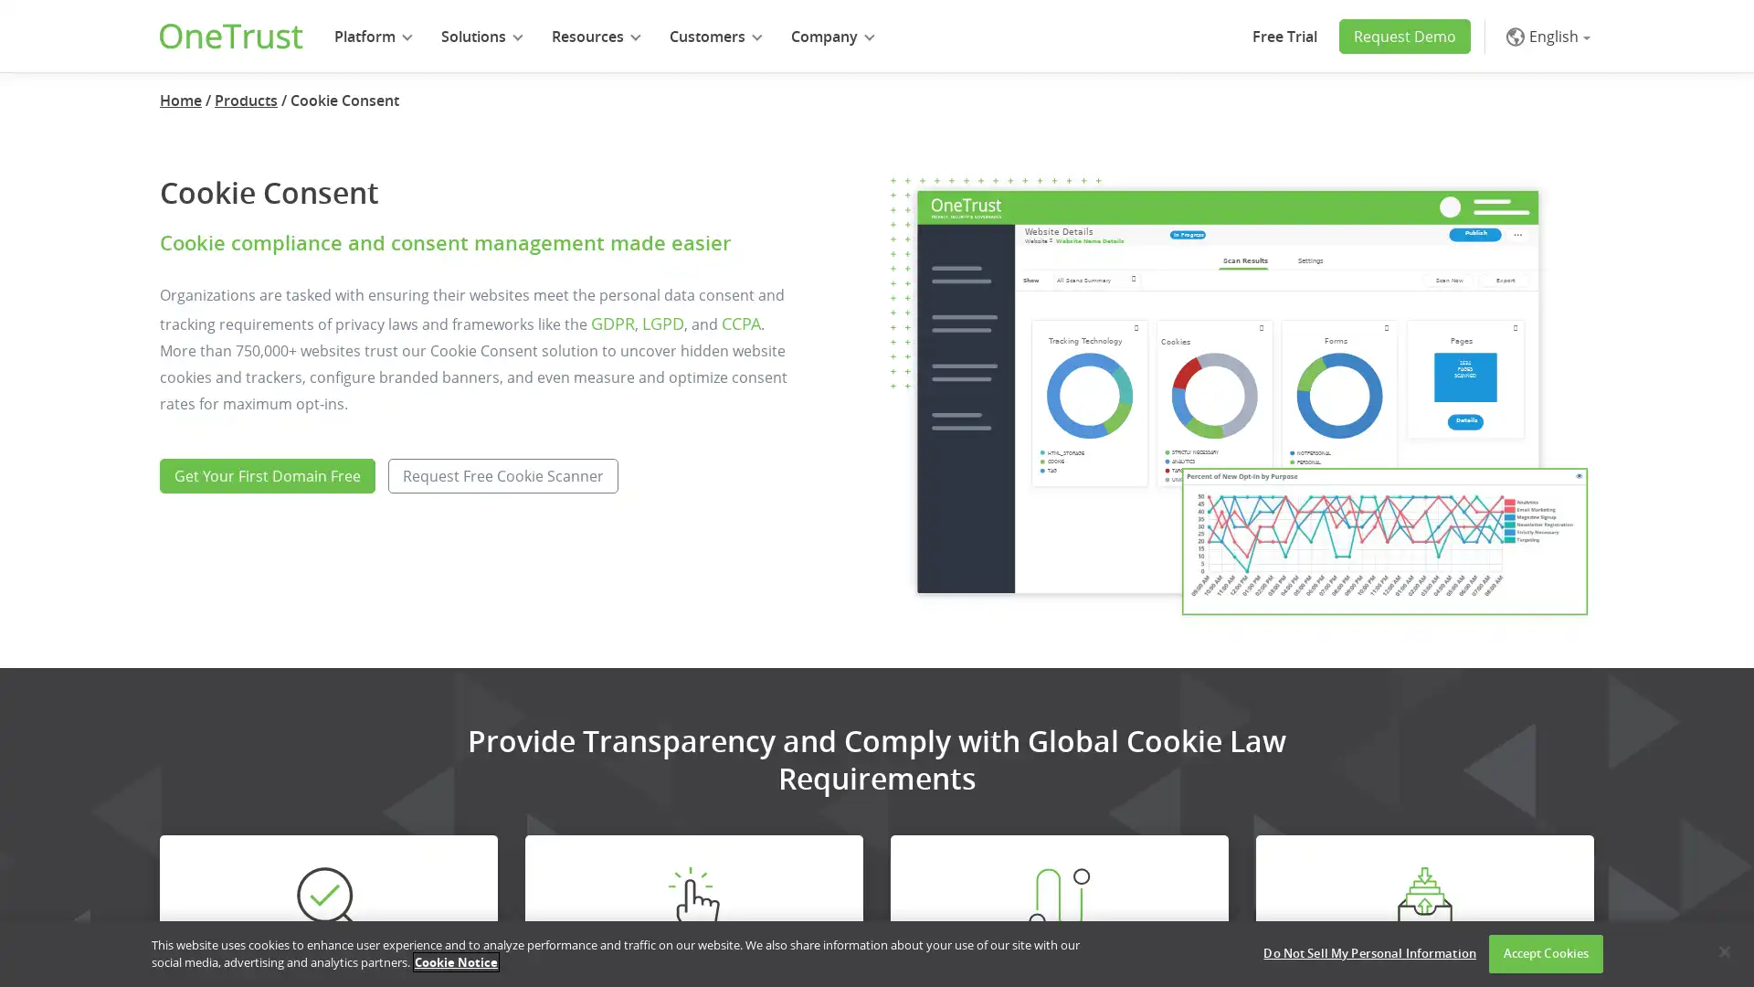  Describe the element at coordinates (1723, 950) in the screenshot. I see `Close` at that location.